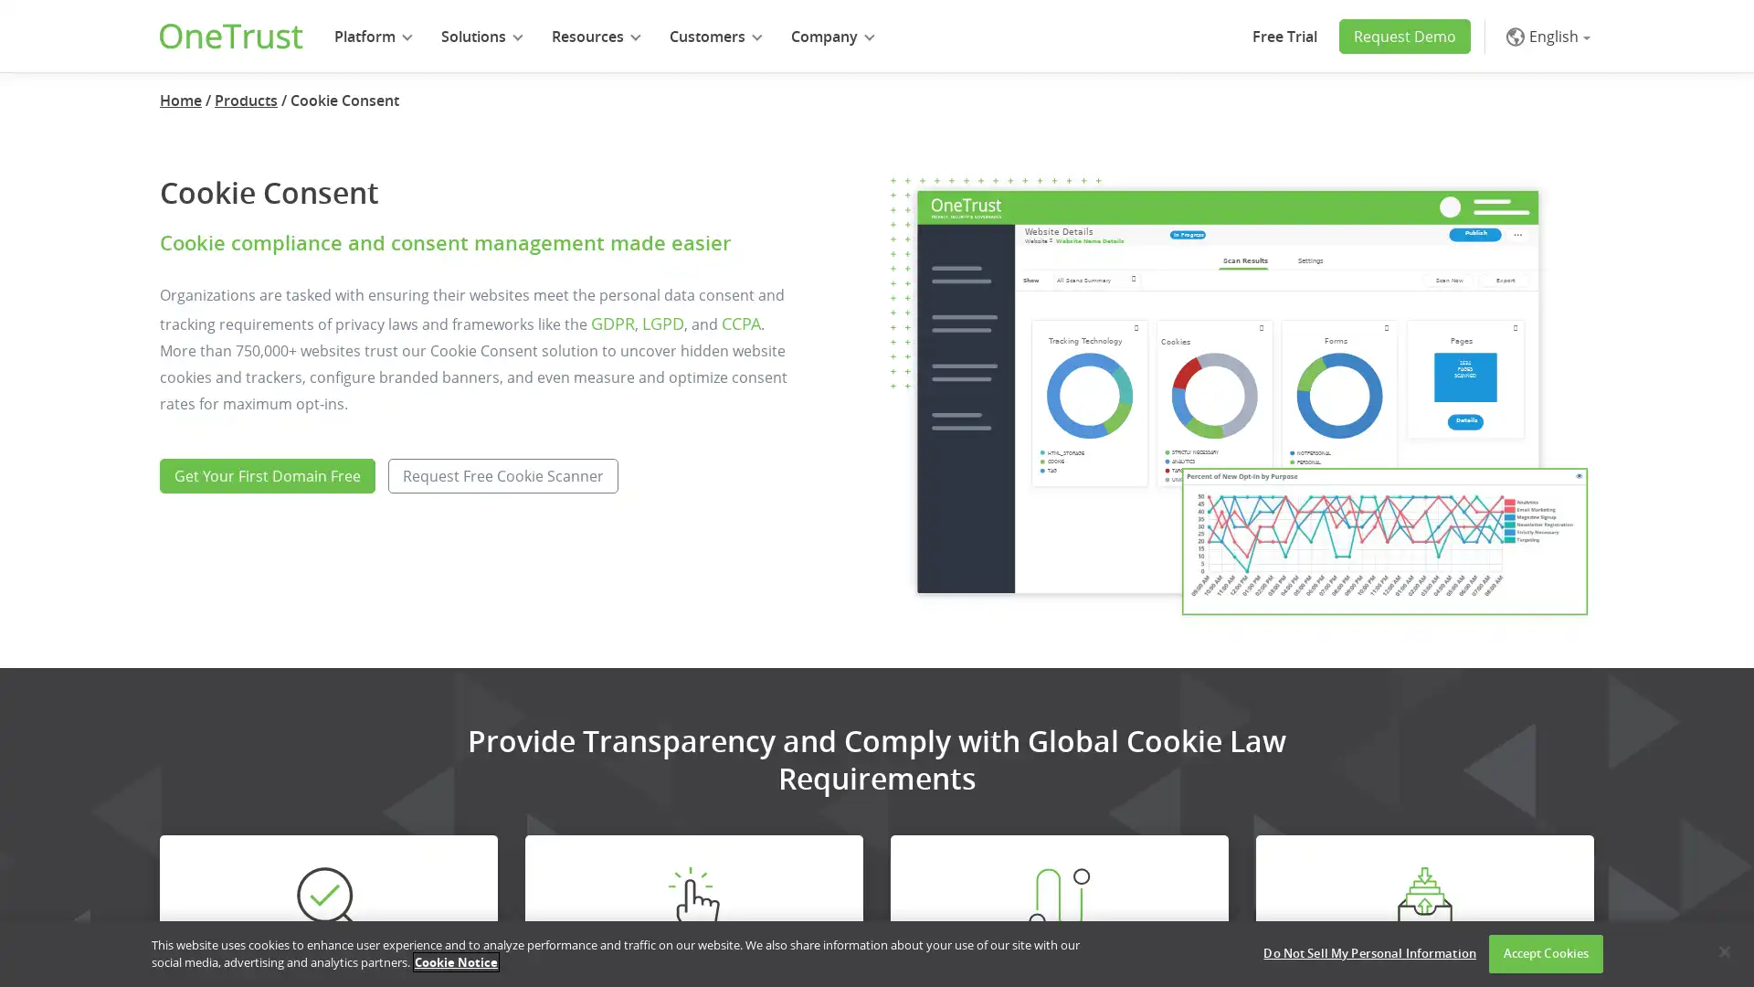  Describe the element at coordinates (1723, 950) in the screenshot. I see `Close` at that location.